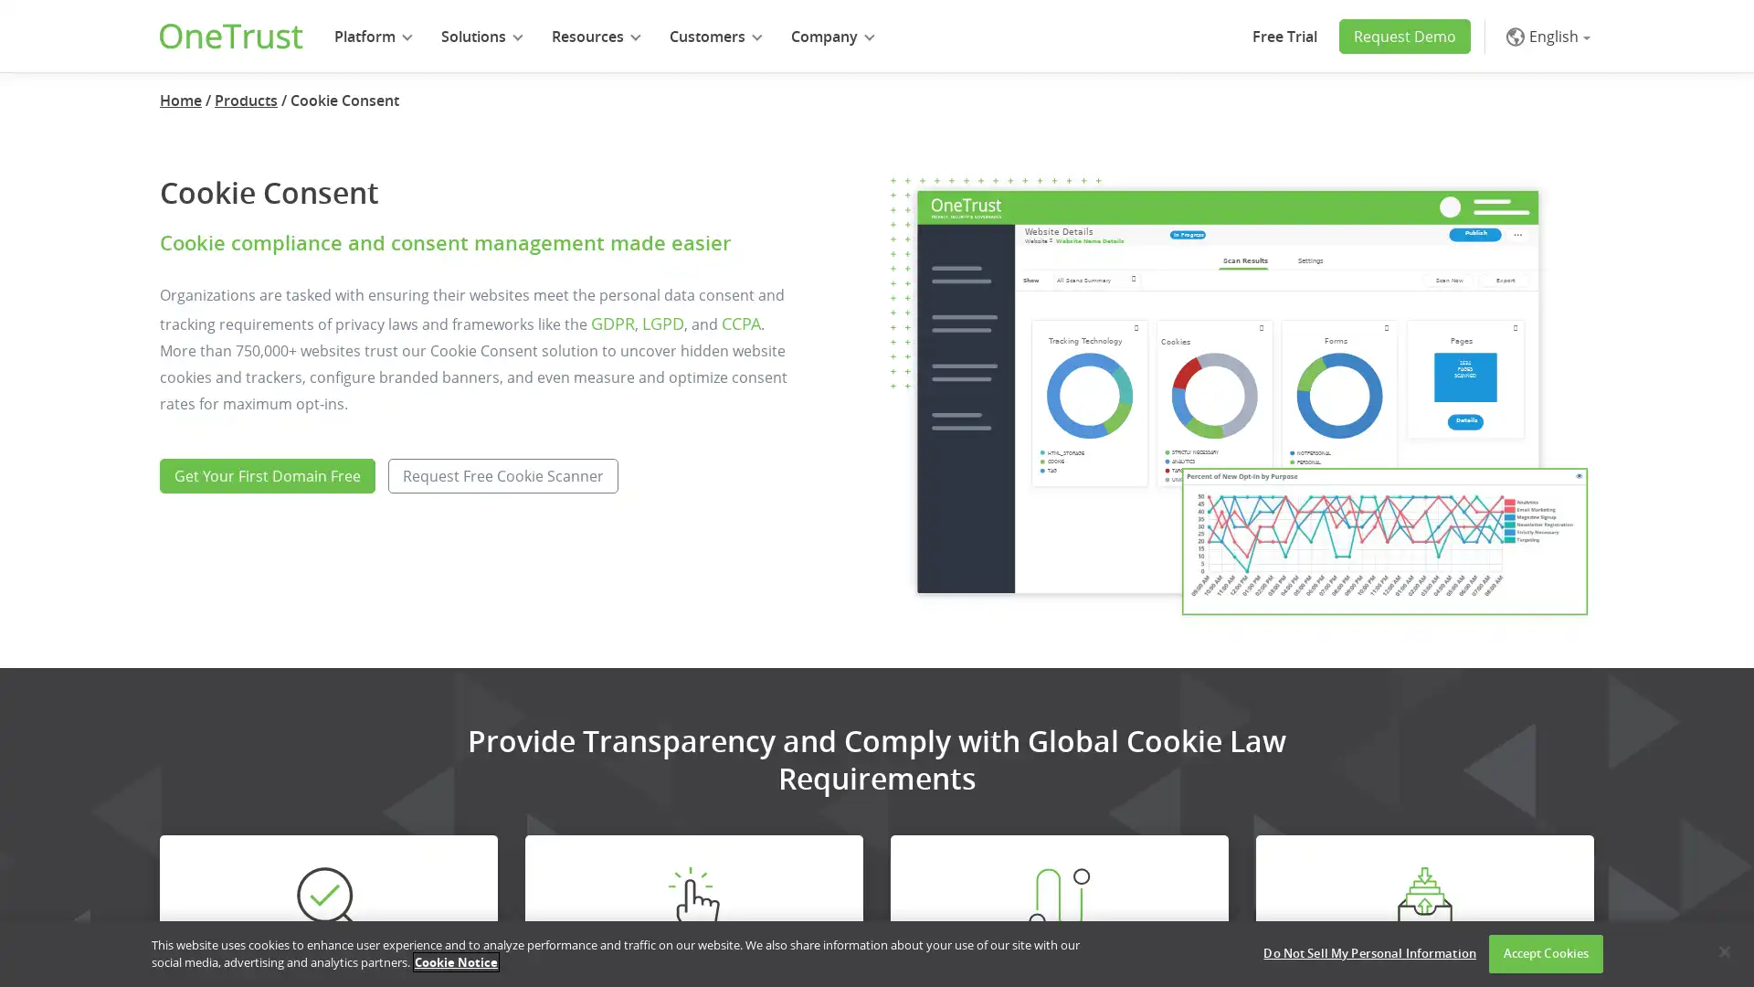  Describe the element at coordinates (1723, 950) in the screenshot. I see `Close` at that location.